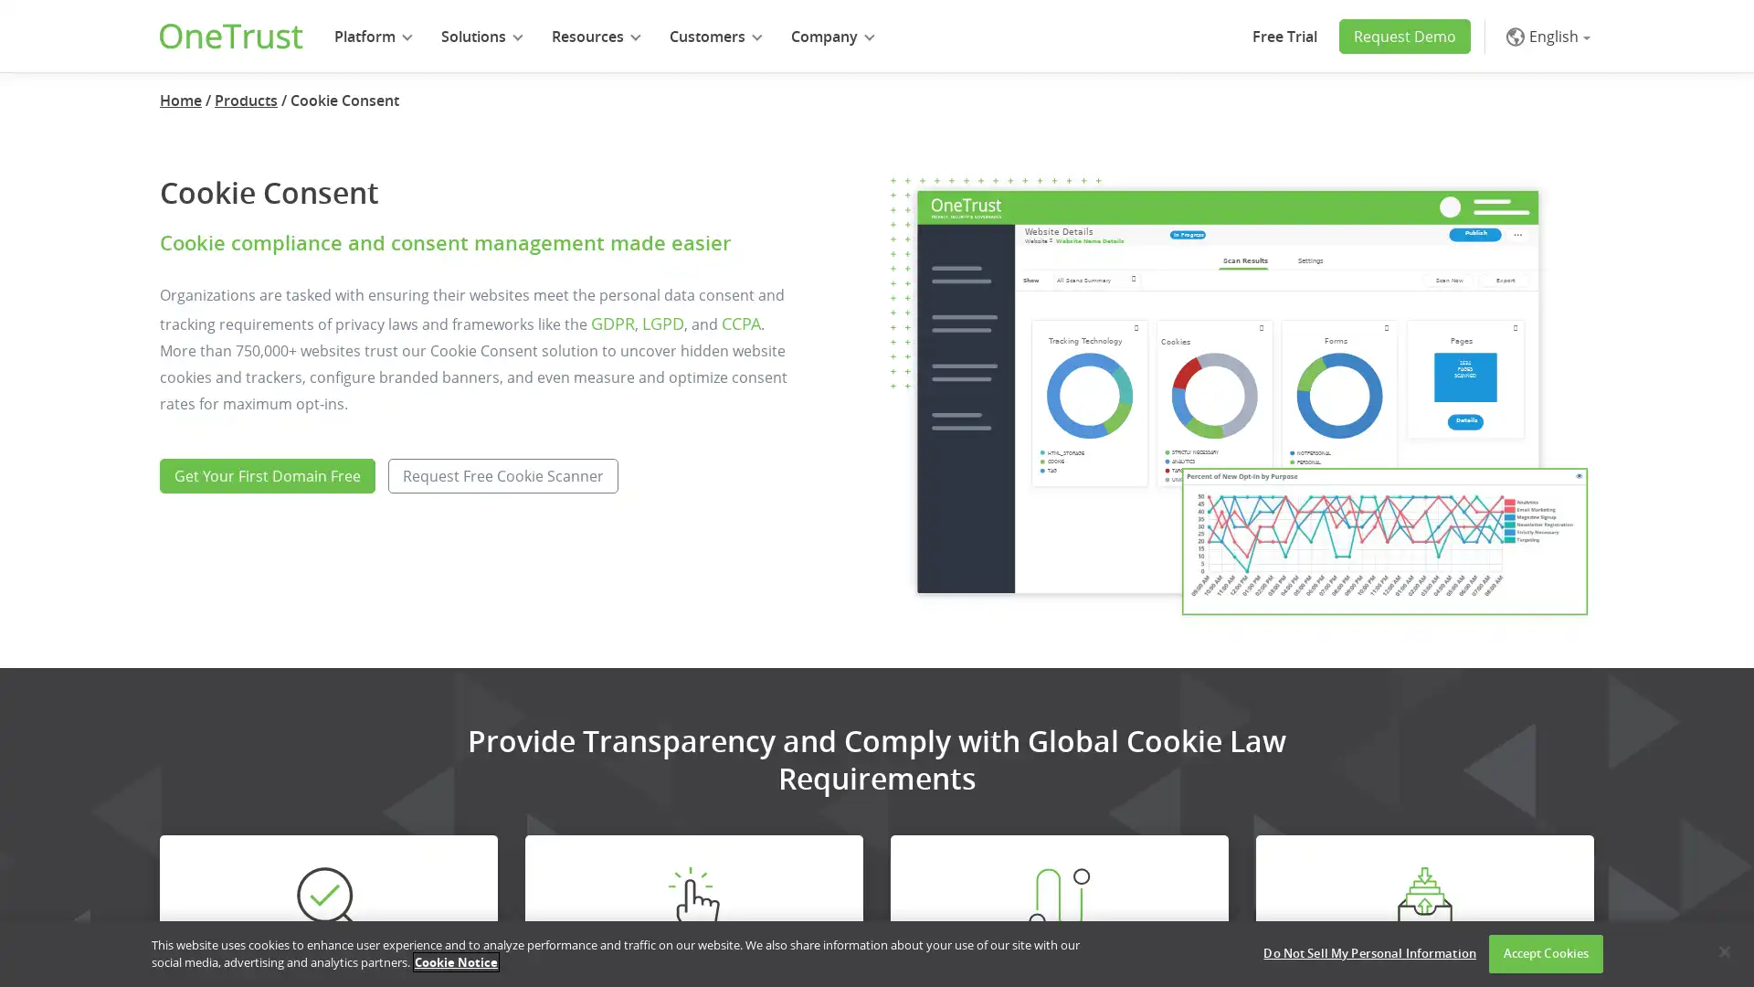  Describe the element at coordinates (1723, 950) in the screenshot. I see `Close` at that location.